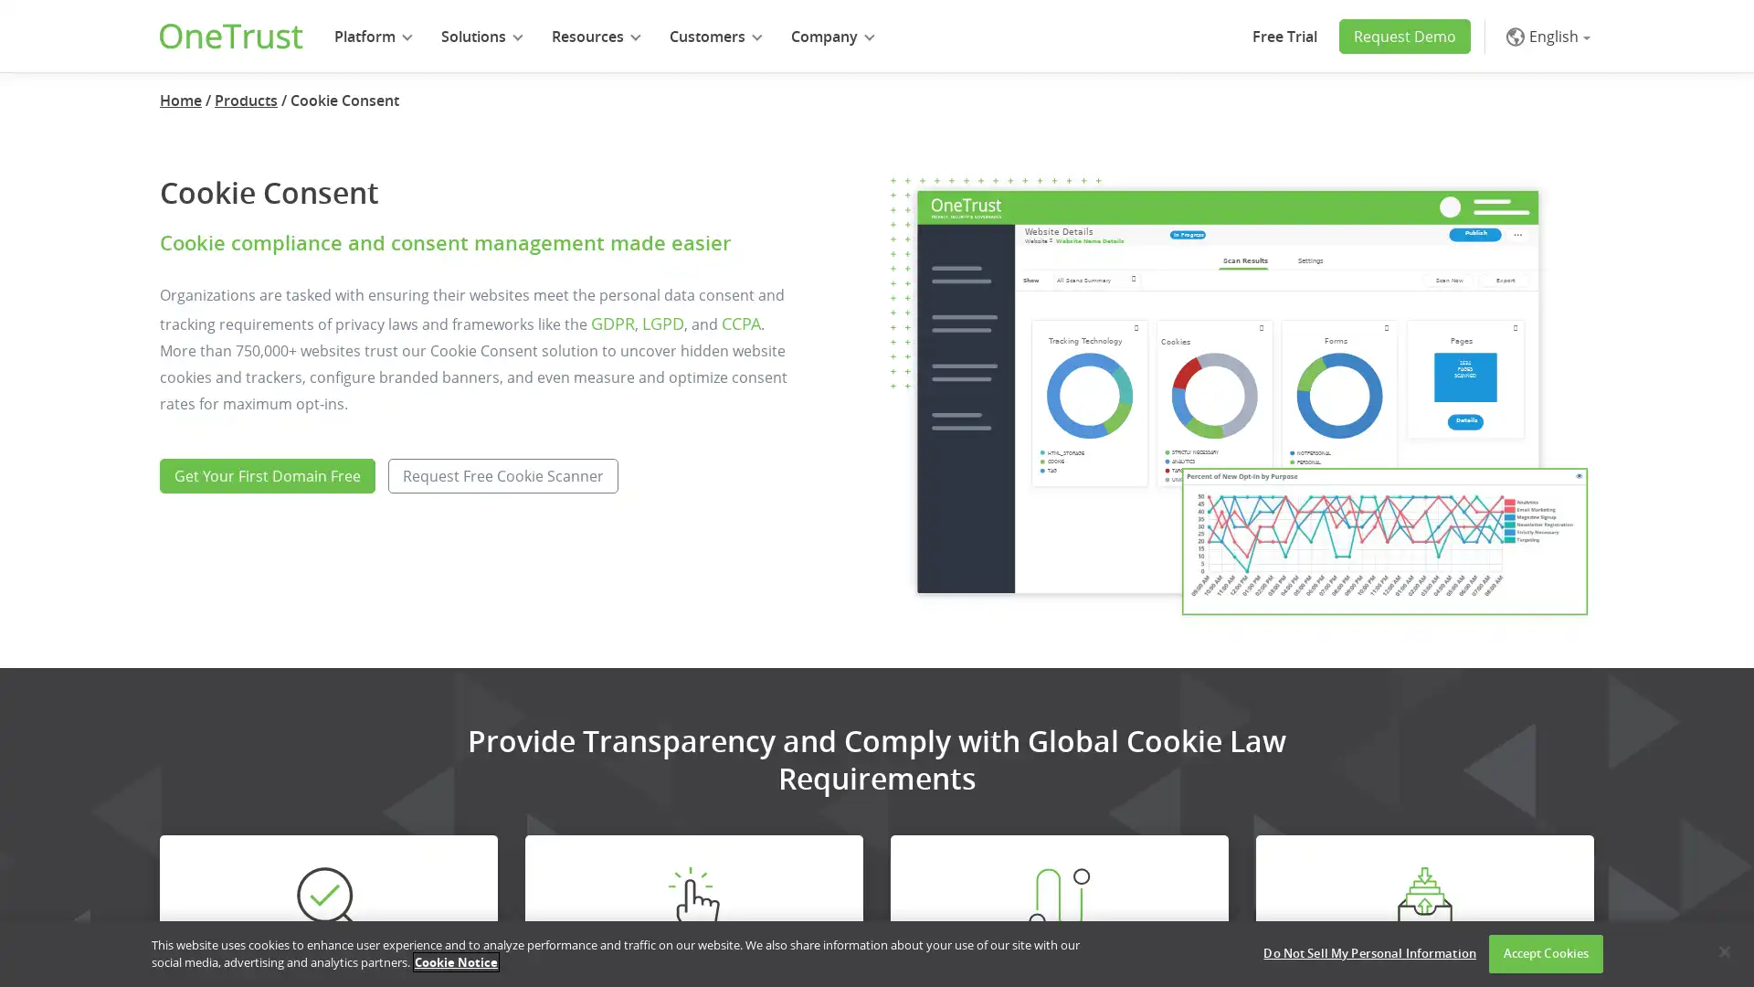  Describe the element at coordinates (1723, 950) in the screenshot. I see `Close` at that location.